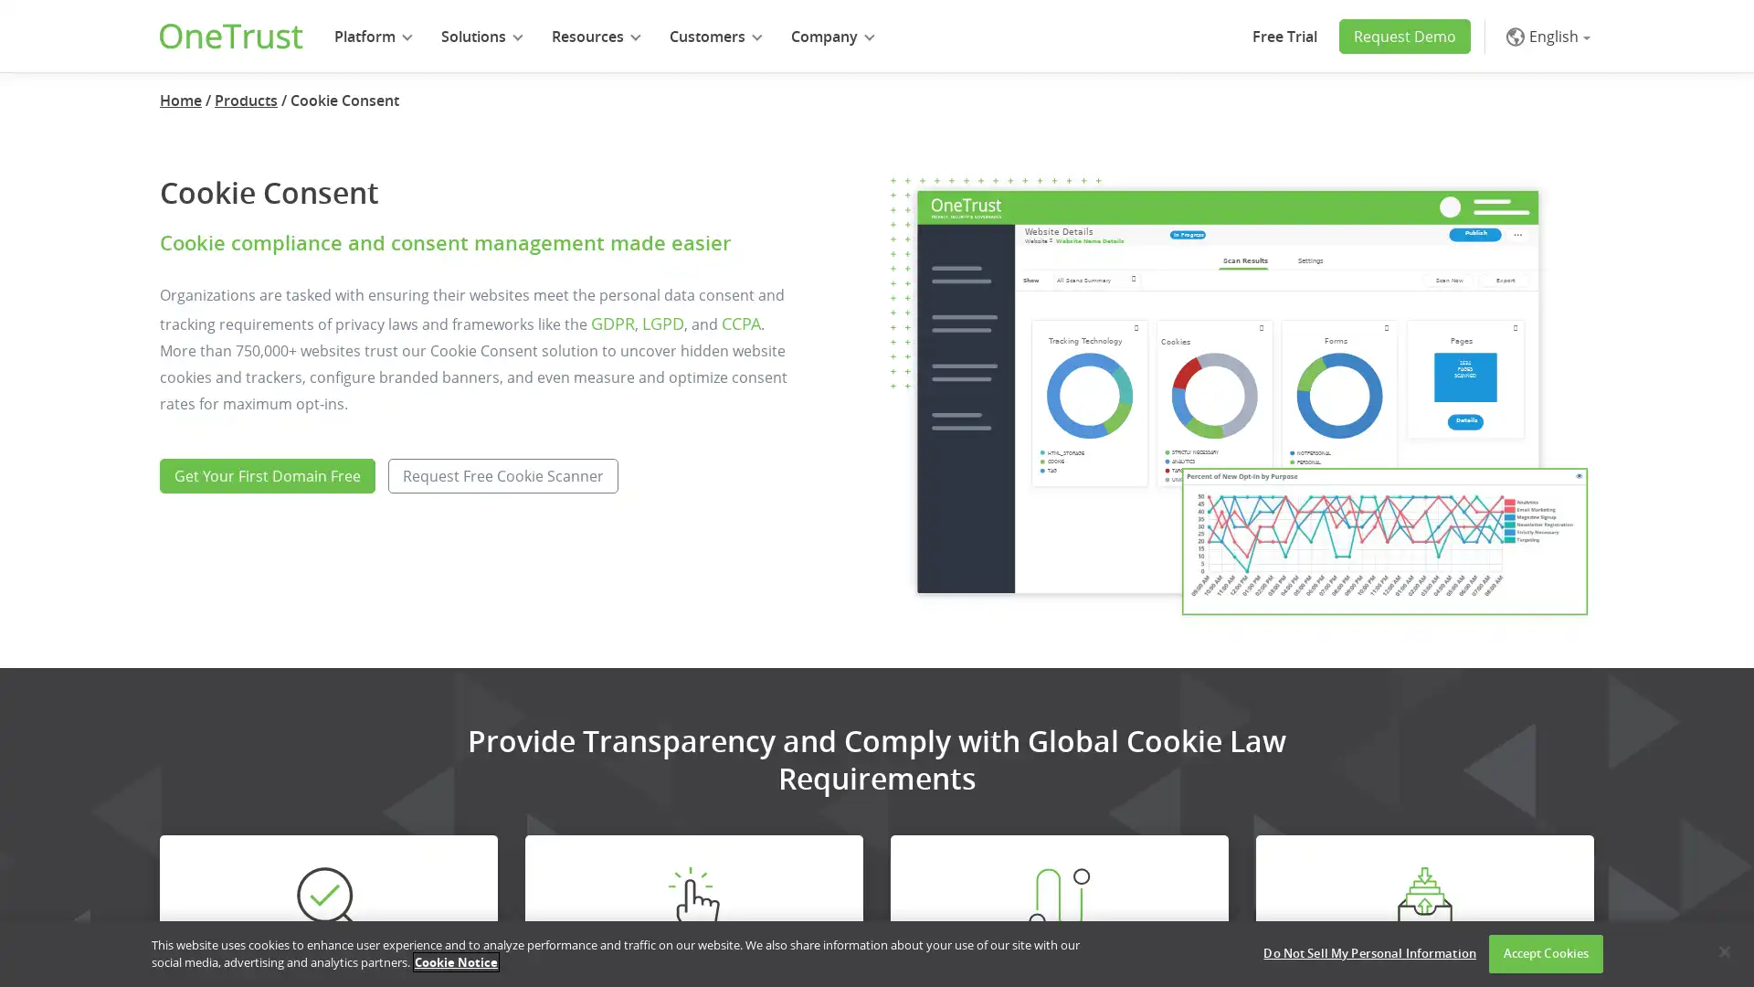  Describe the element at coordinates (1723, 950) in the screenshot. I see `Close` at that location.